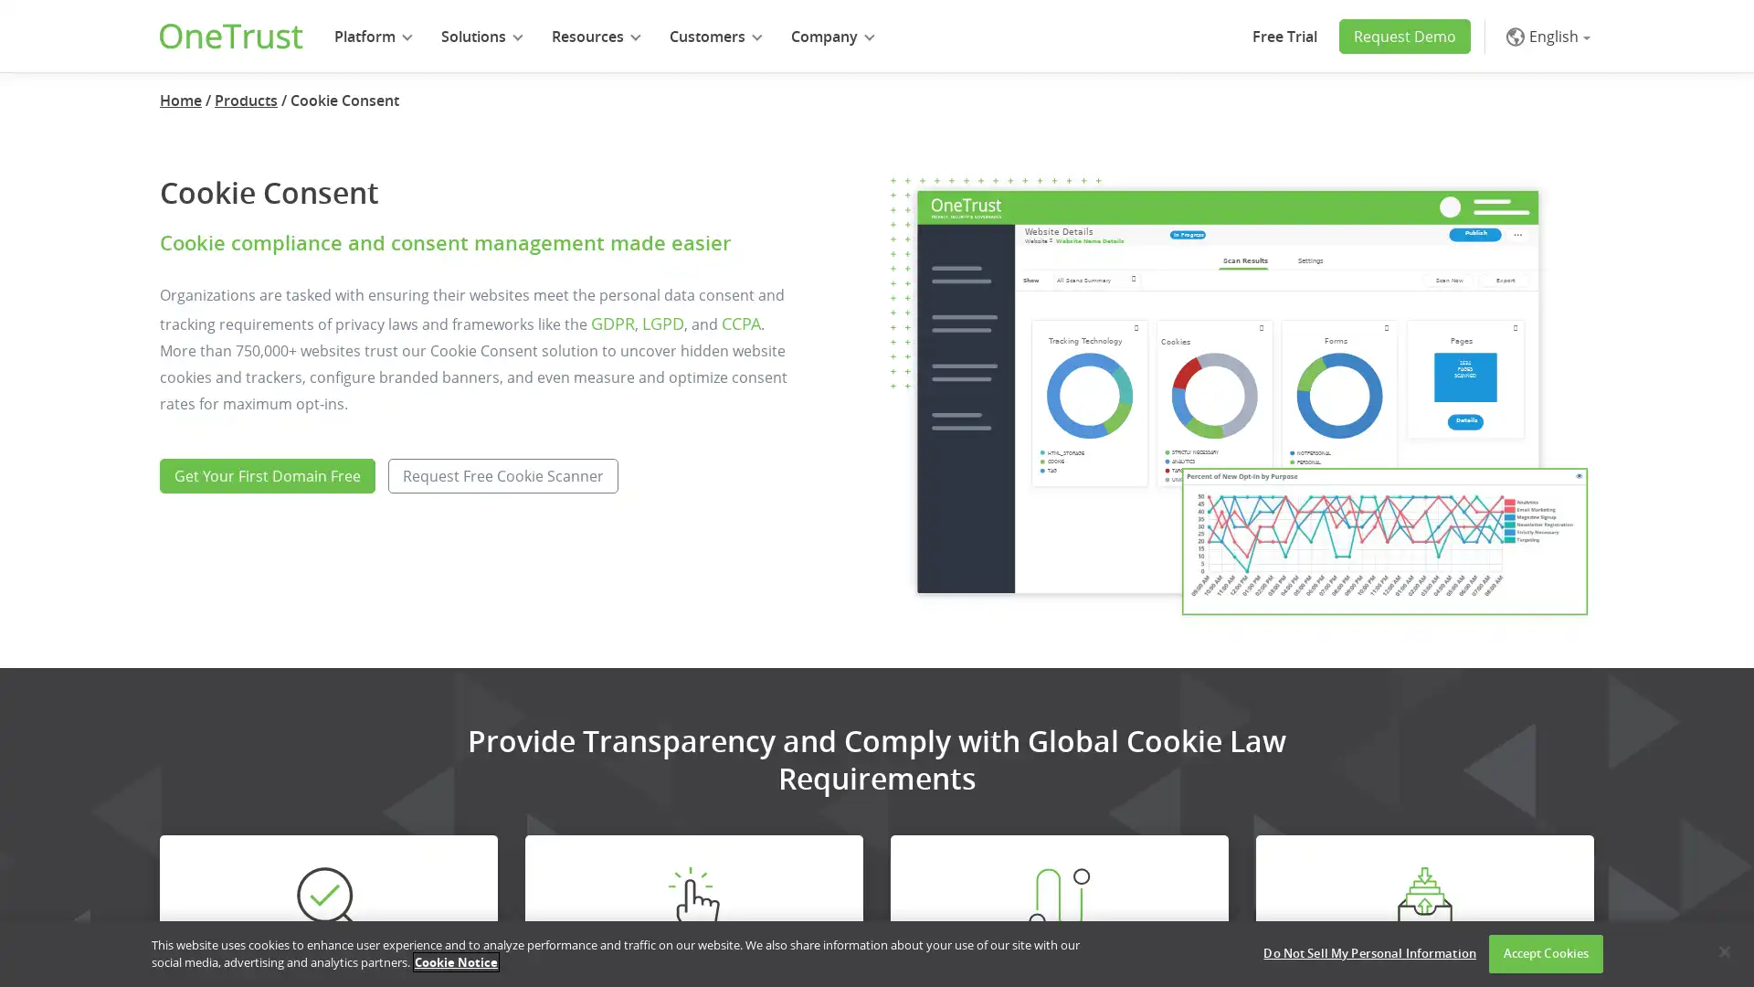  Describe the element at coordinates (1723, 950) in the screenshot. I see `Close` at that location.